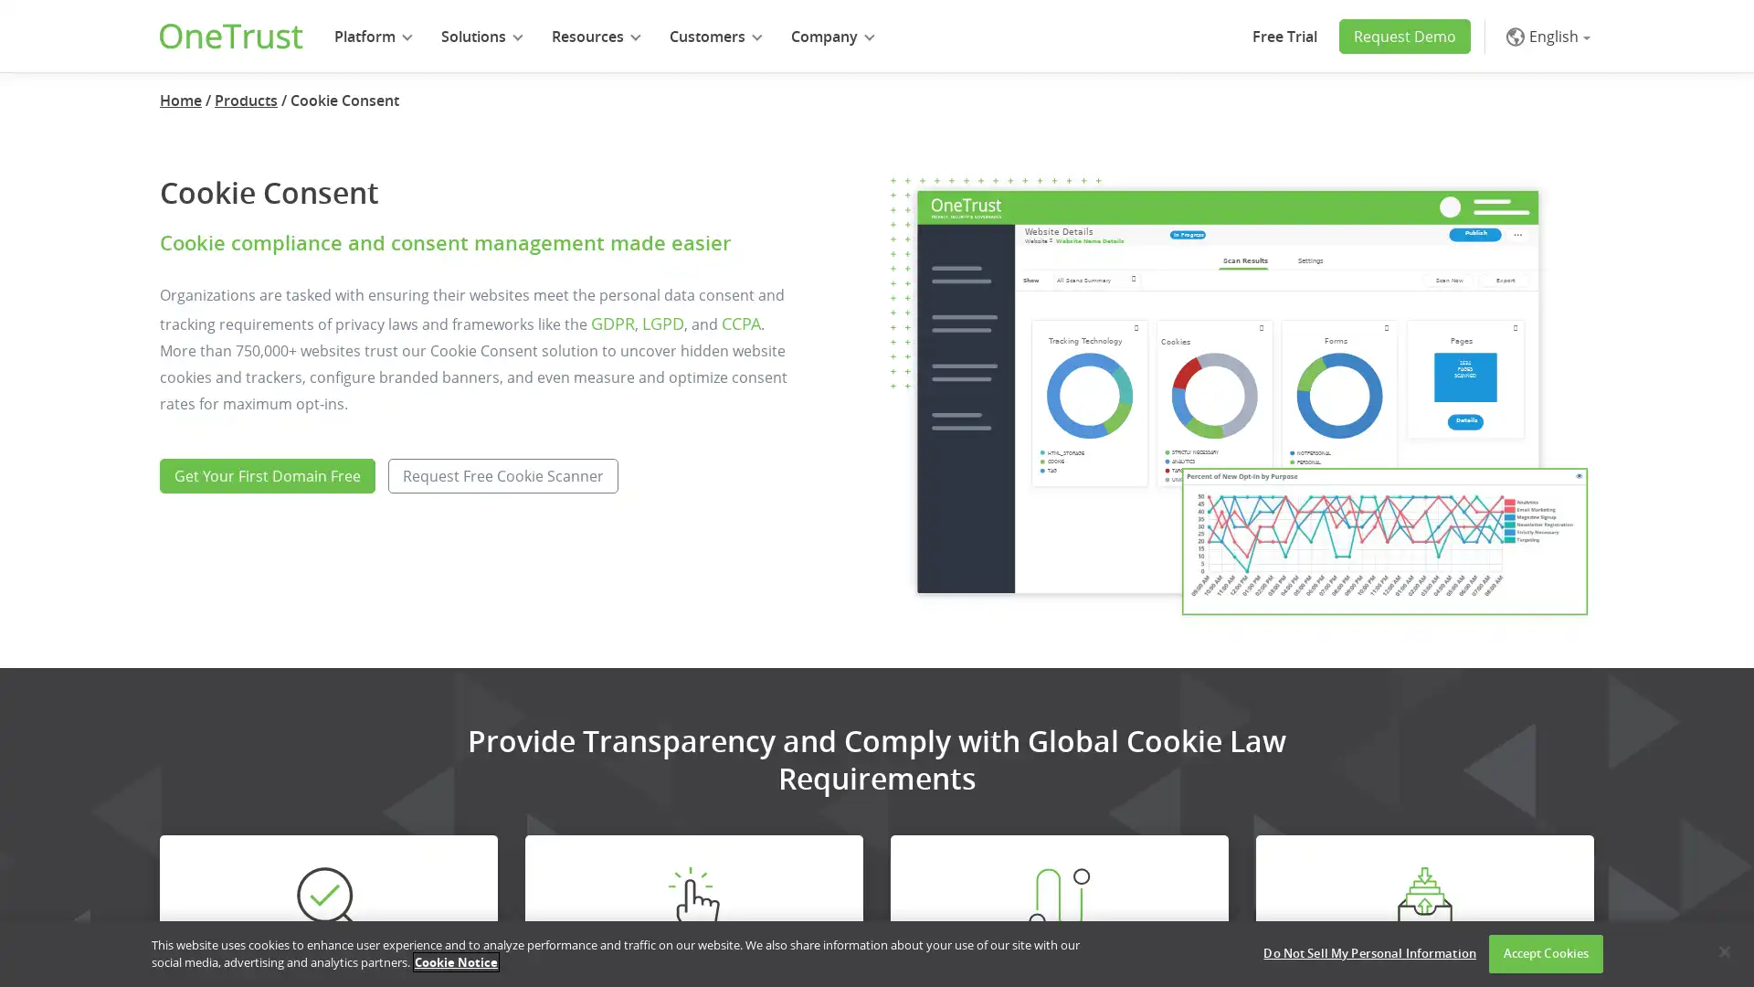  Describe the element at coordinates (1723, 950) in the screenshot. I see `Close` at that location.